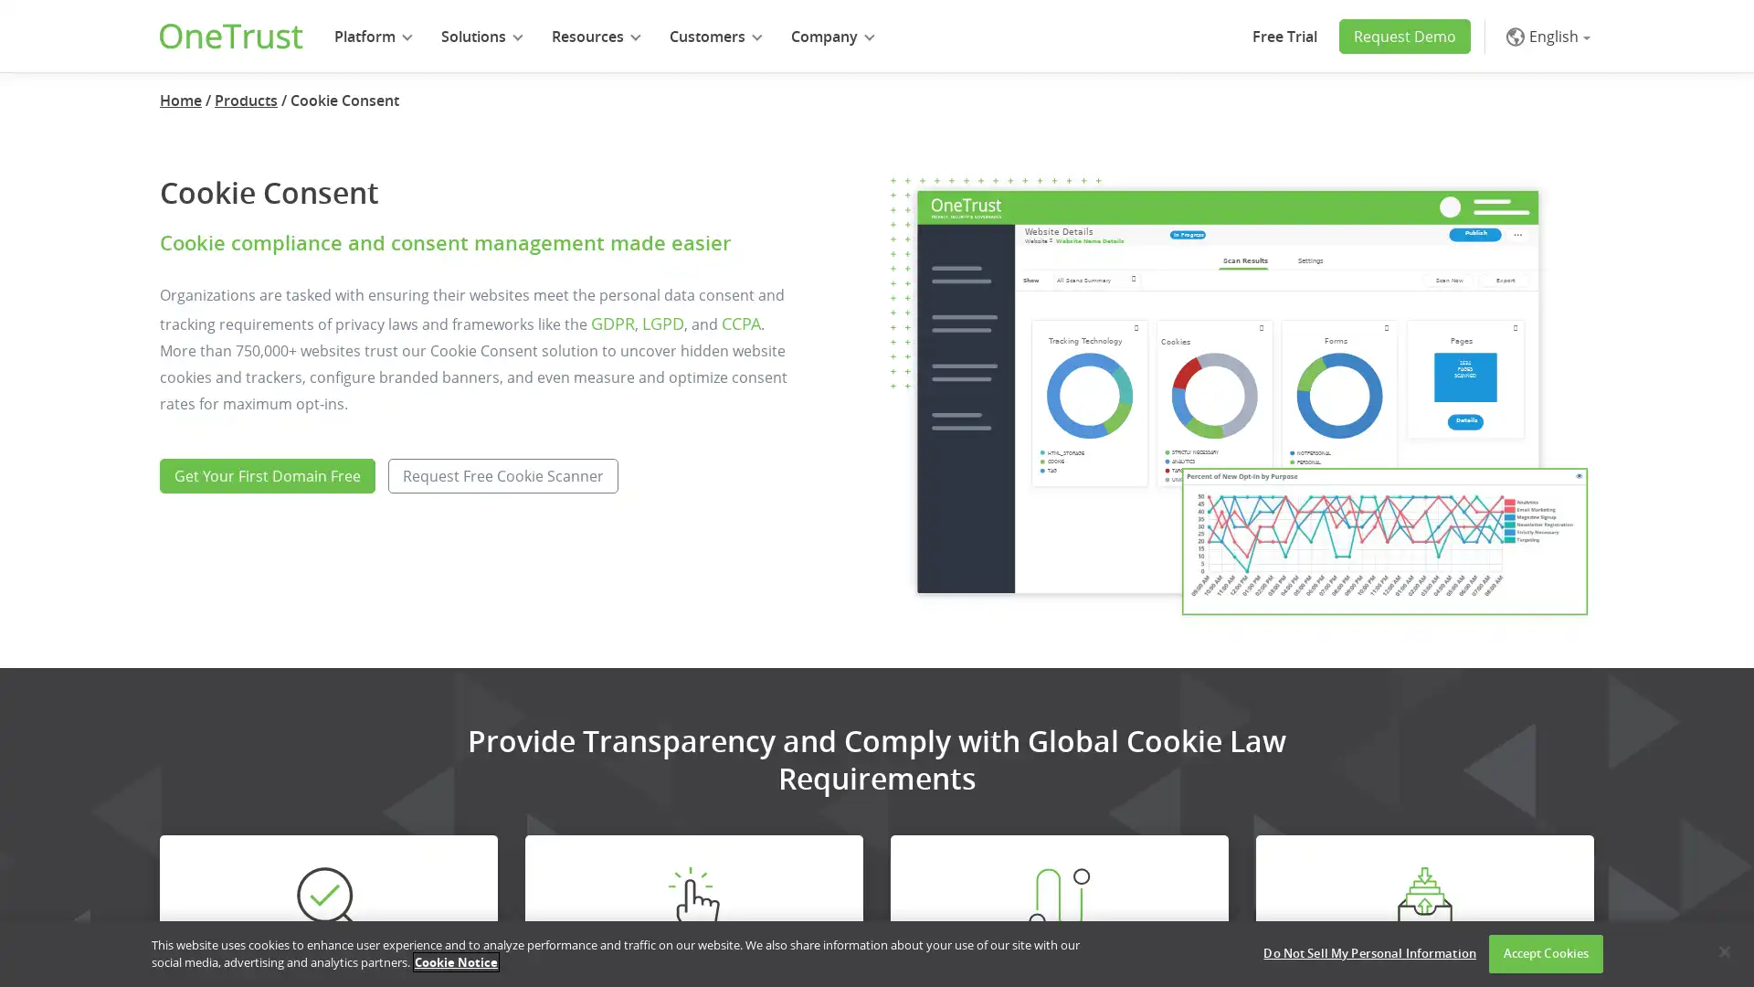  Describe the element at coordinates (1723, 950) in the screenshot. I see `Close` at that location.